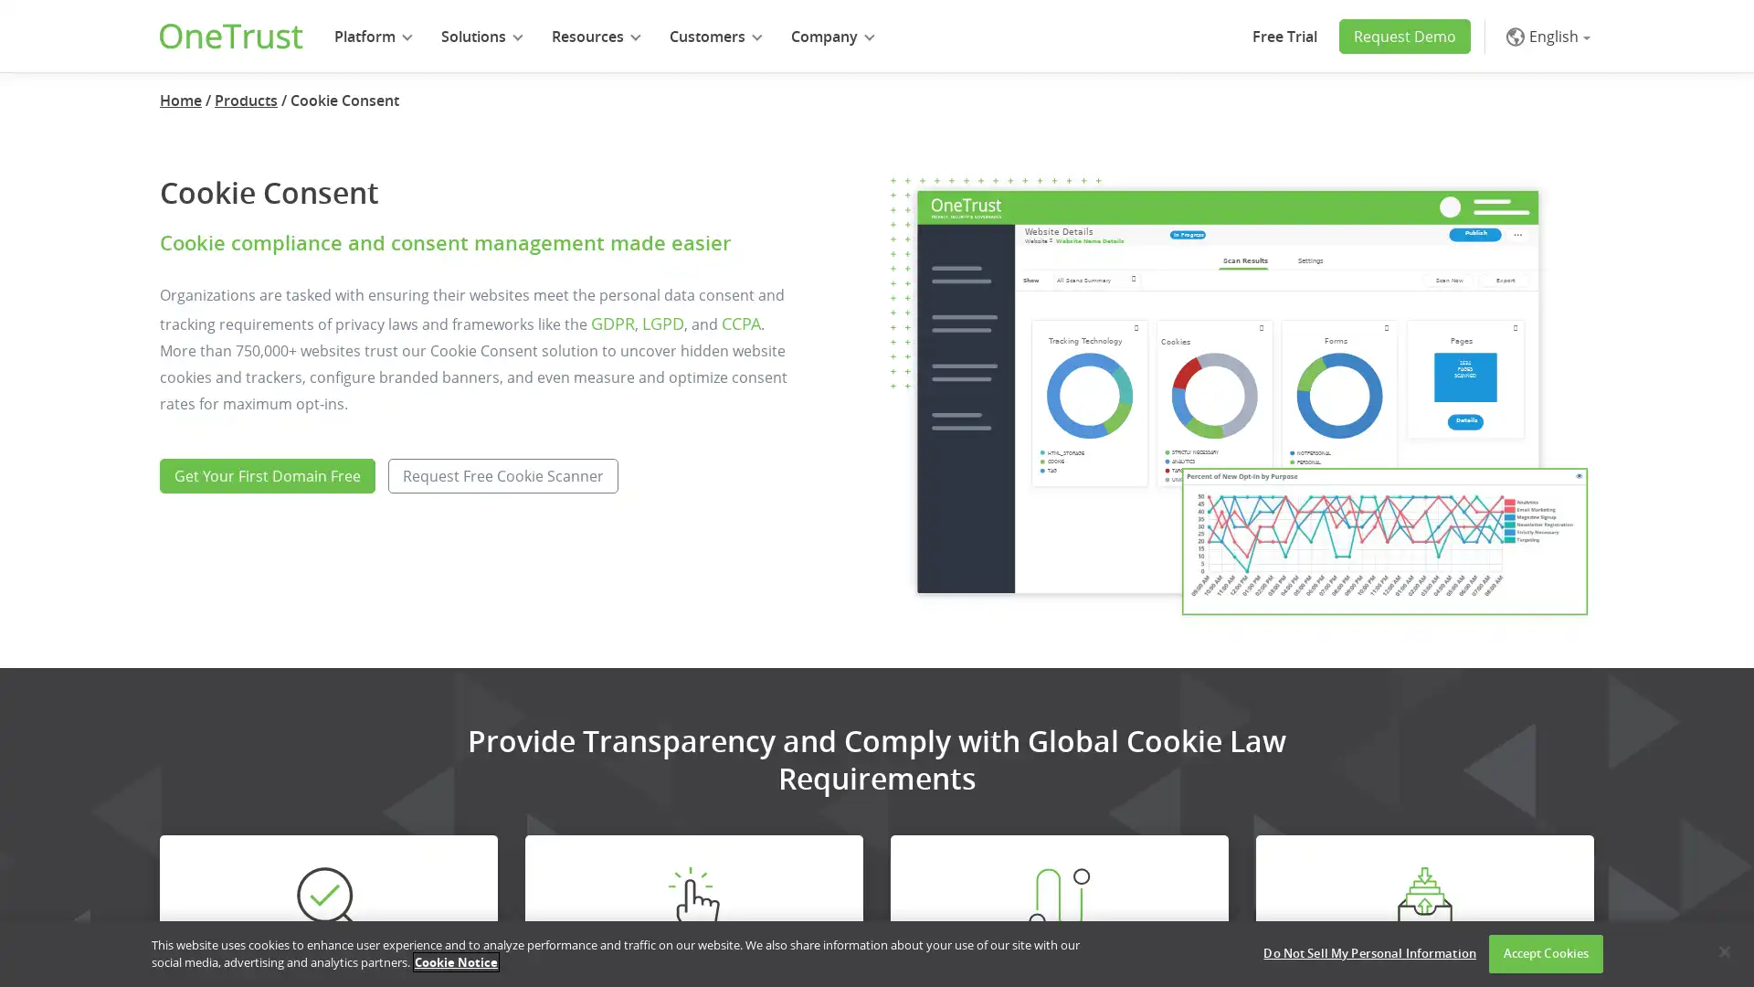  Describe the element at coordinates (1723, 950) in the screenshot. I see `Close` at that location.